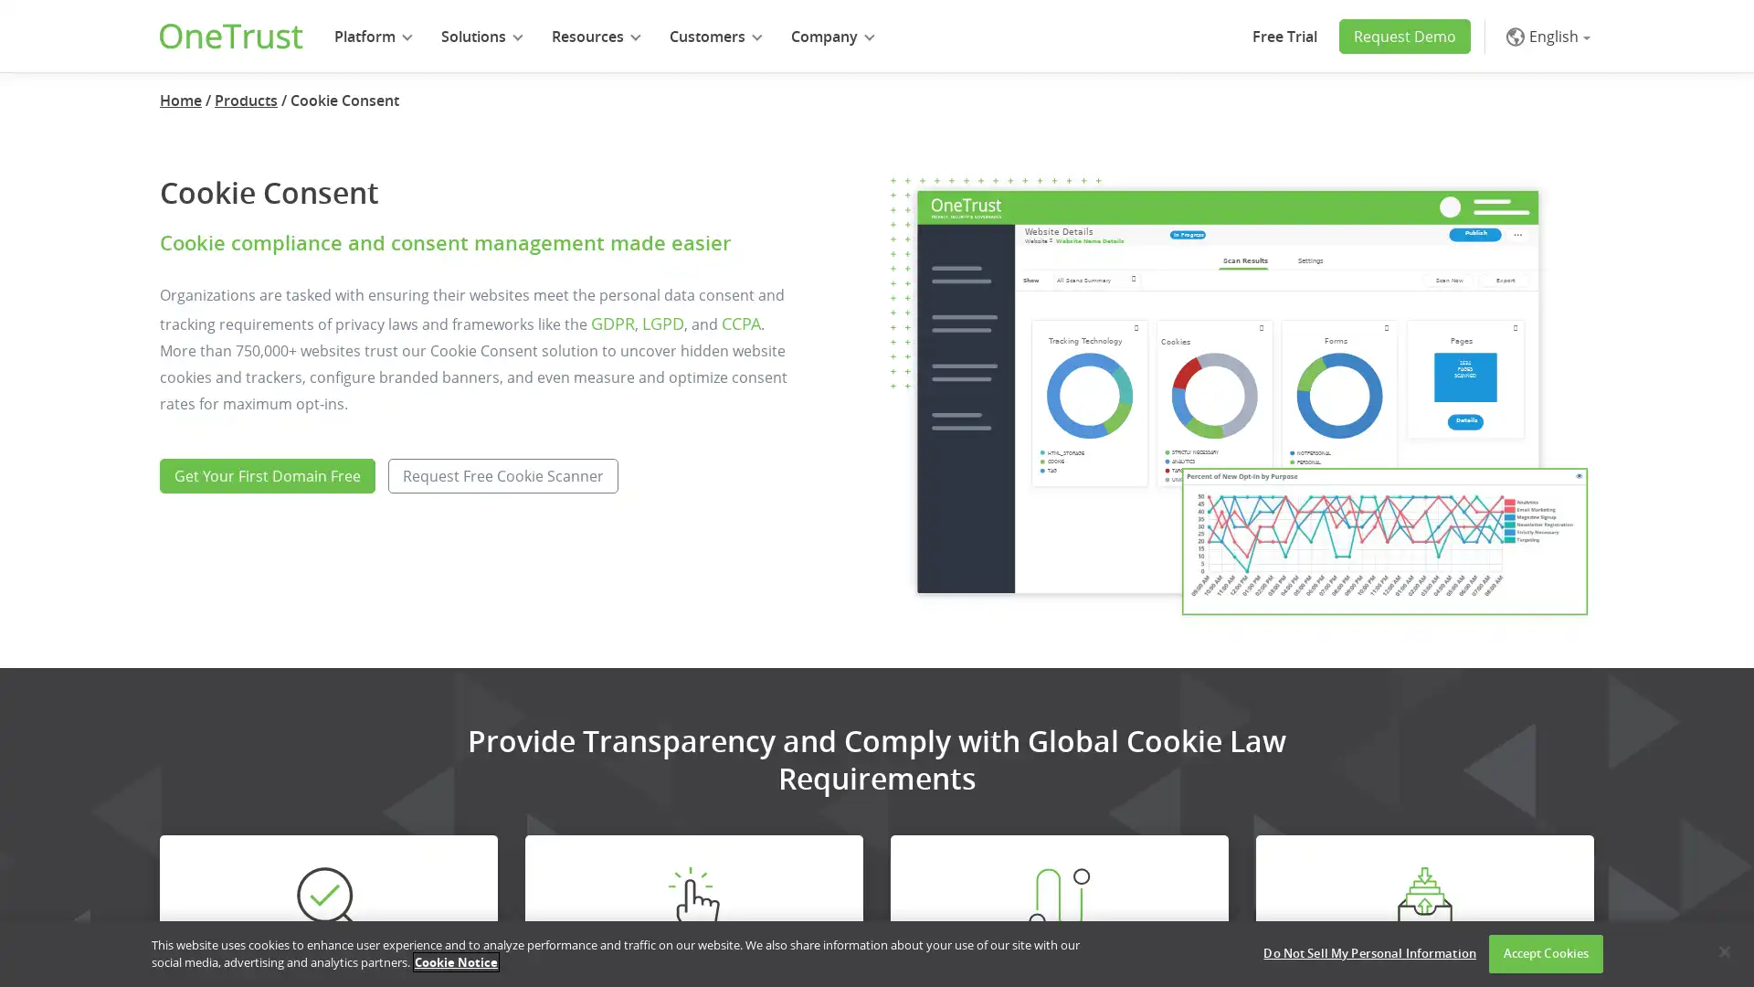  Describe the element at coordinates (1723, 950) in the screenshot. I see `Close` at that location.